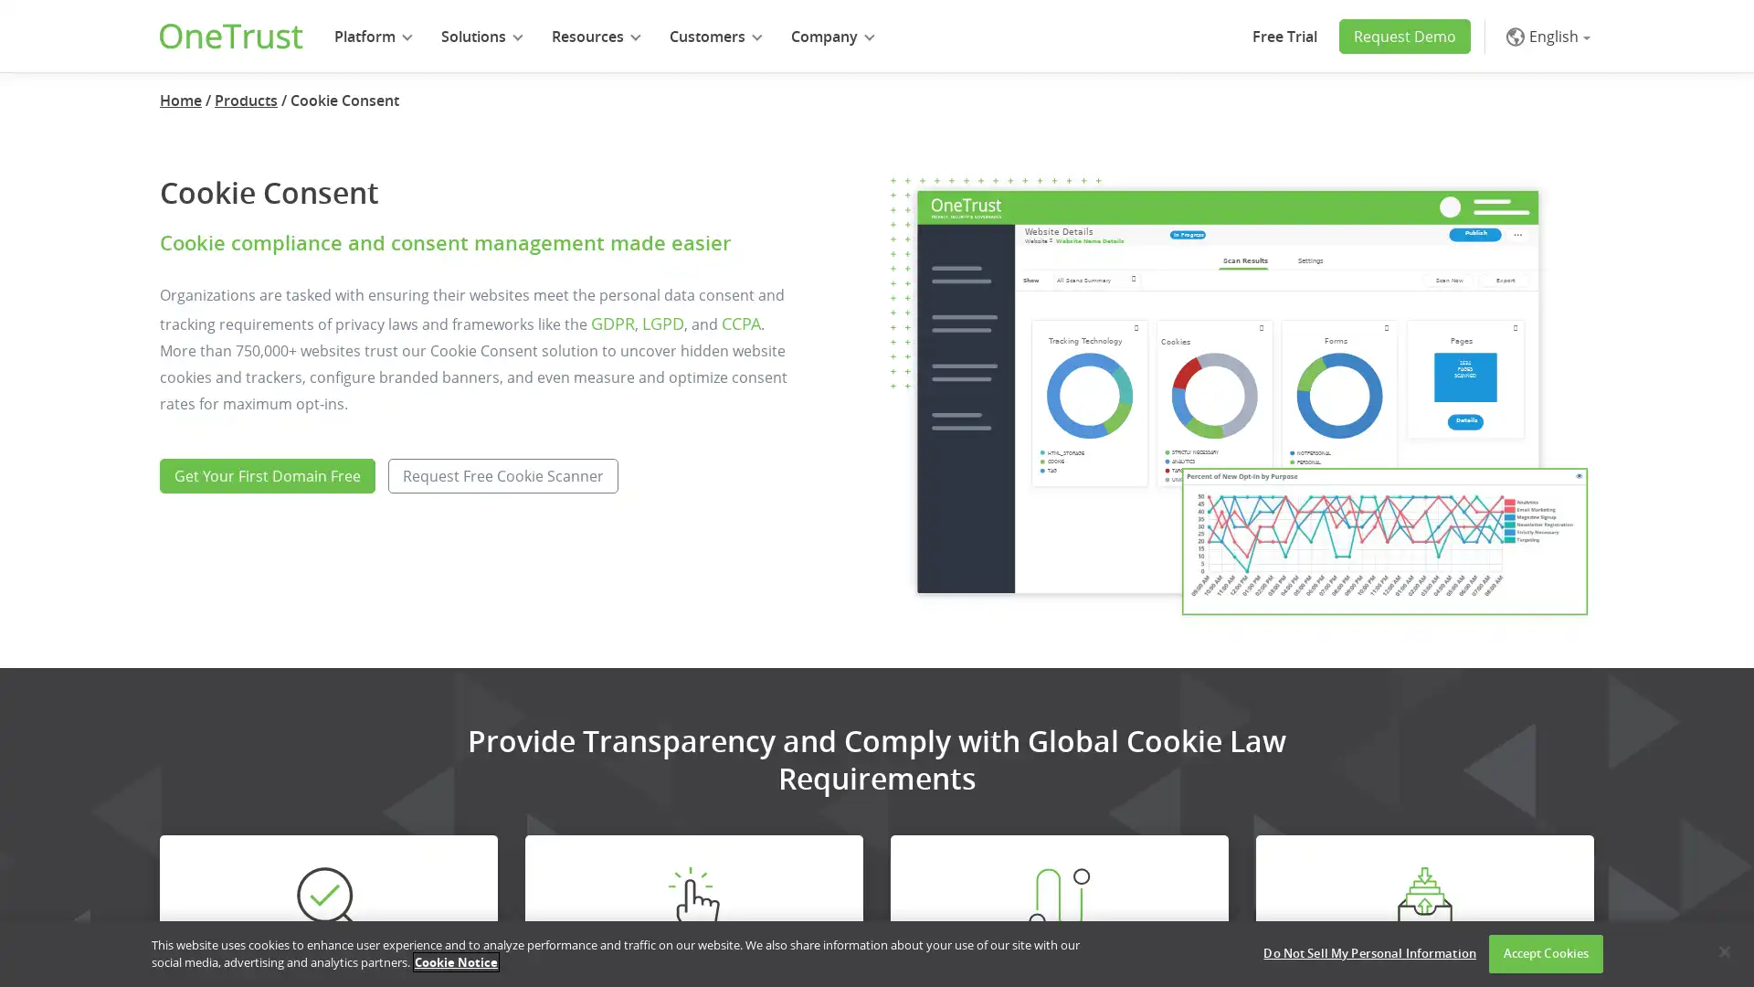  Describe the element at coordinates (1723, 950) in the screenshot. I see `Close` at that location.